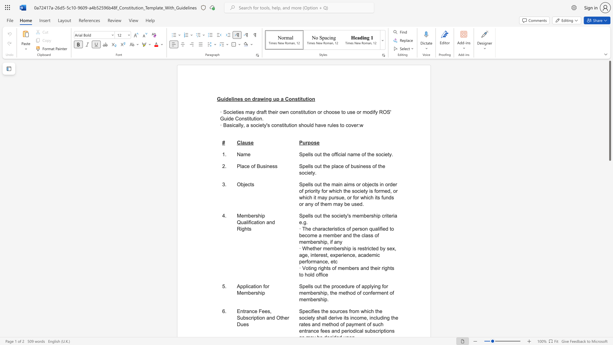 The height and width of the screenshot is (345, 613). What do you see at coordinates (609, 259) in the screenshot?
I see `the right-hand scrollbar to descend the page` at bounding box center [609, 259].